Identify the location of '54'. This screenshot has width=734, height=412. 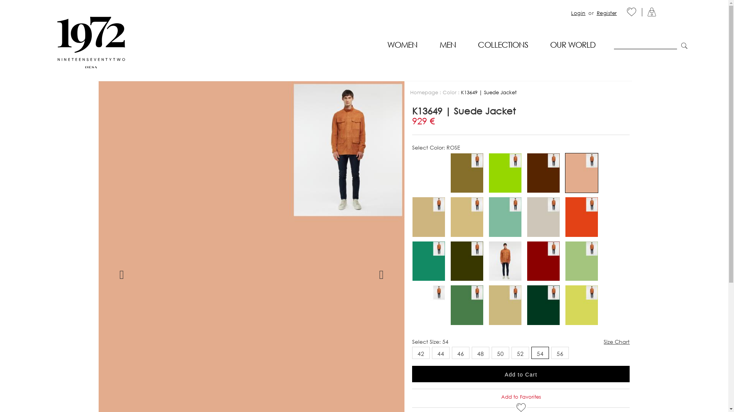
(539, 353).